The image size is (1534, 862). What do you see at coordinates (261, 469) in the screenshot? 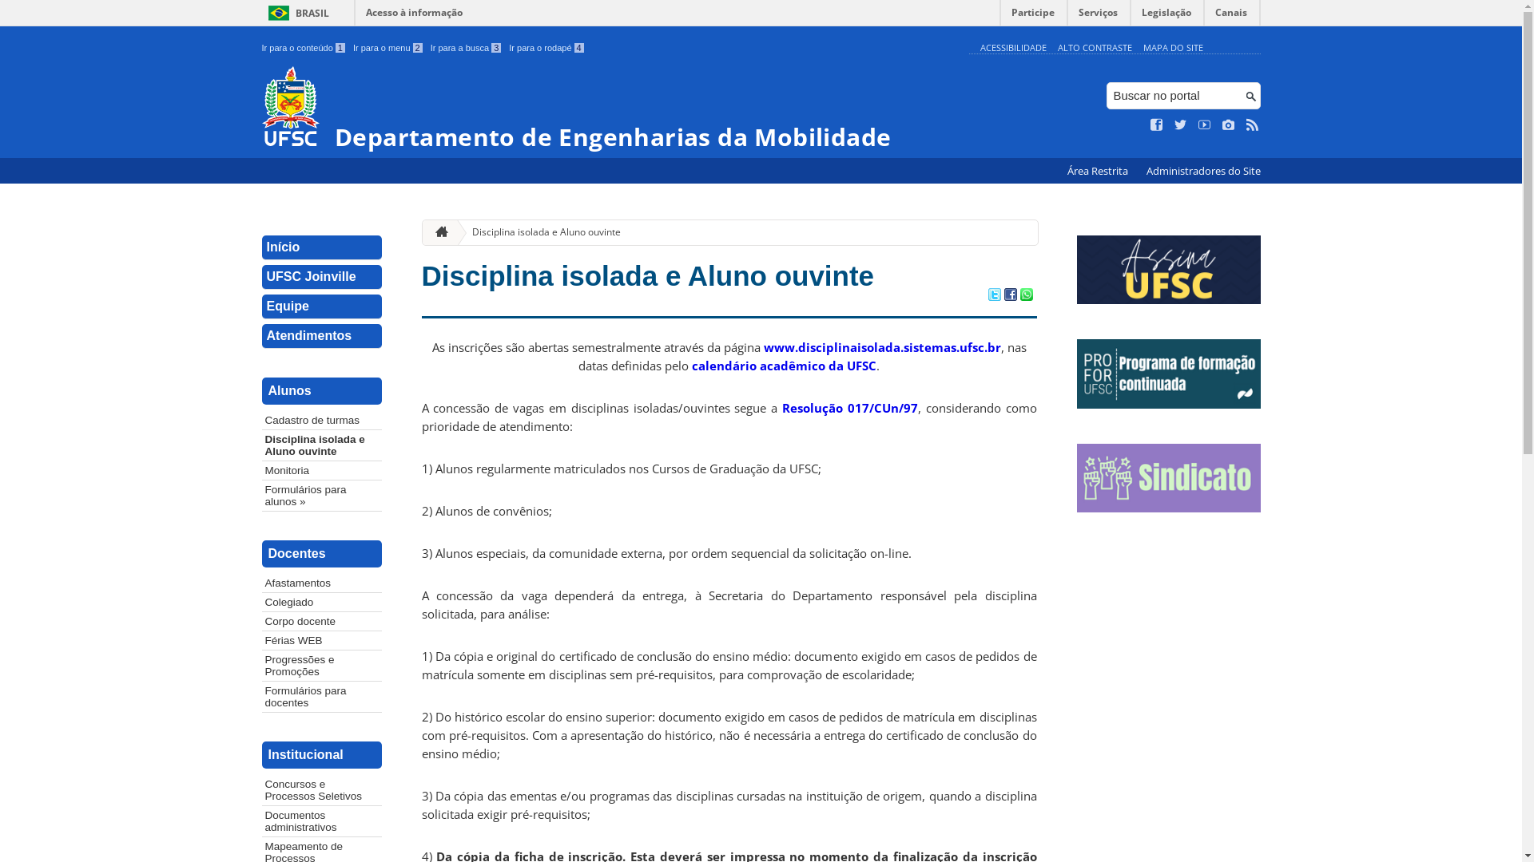
I see `'Monitoria'` at bounding box center [261, 469].